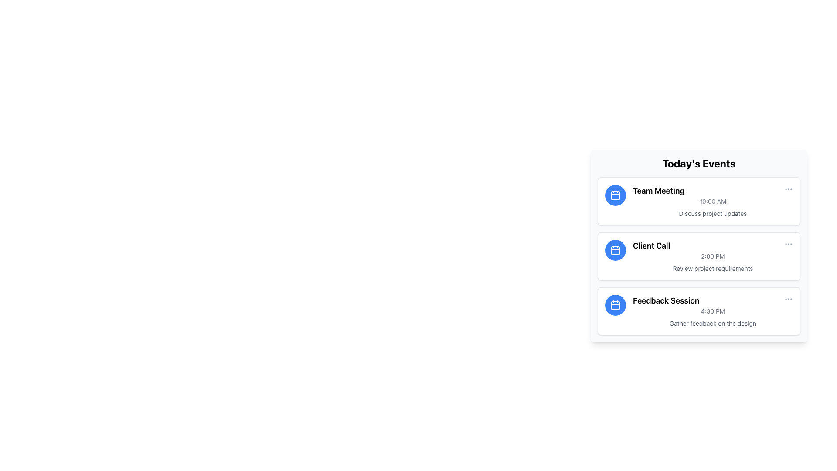 This screenshot has height=471, width=837. I want to click on the first Event Card in the 'Today's Events' list, so click(713, 201).